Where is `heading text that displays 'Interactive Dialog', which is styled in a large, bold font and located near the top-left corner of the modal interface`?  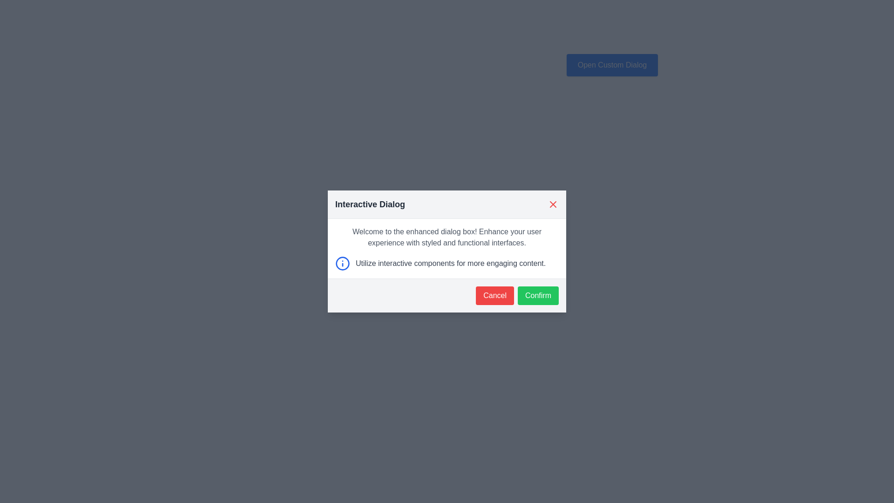 heading text that displays 'Interactive Dialog', which is styled in a large, bold font and located near the top-left corner of the modal interface is located at coordinates (370, 204).